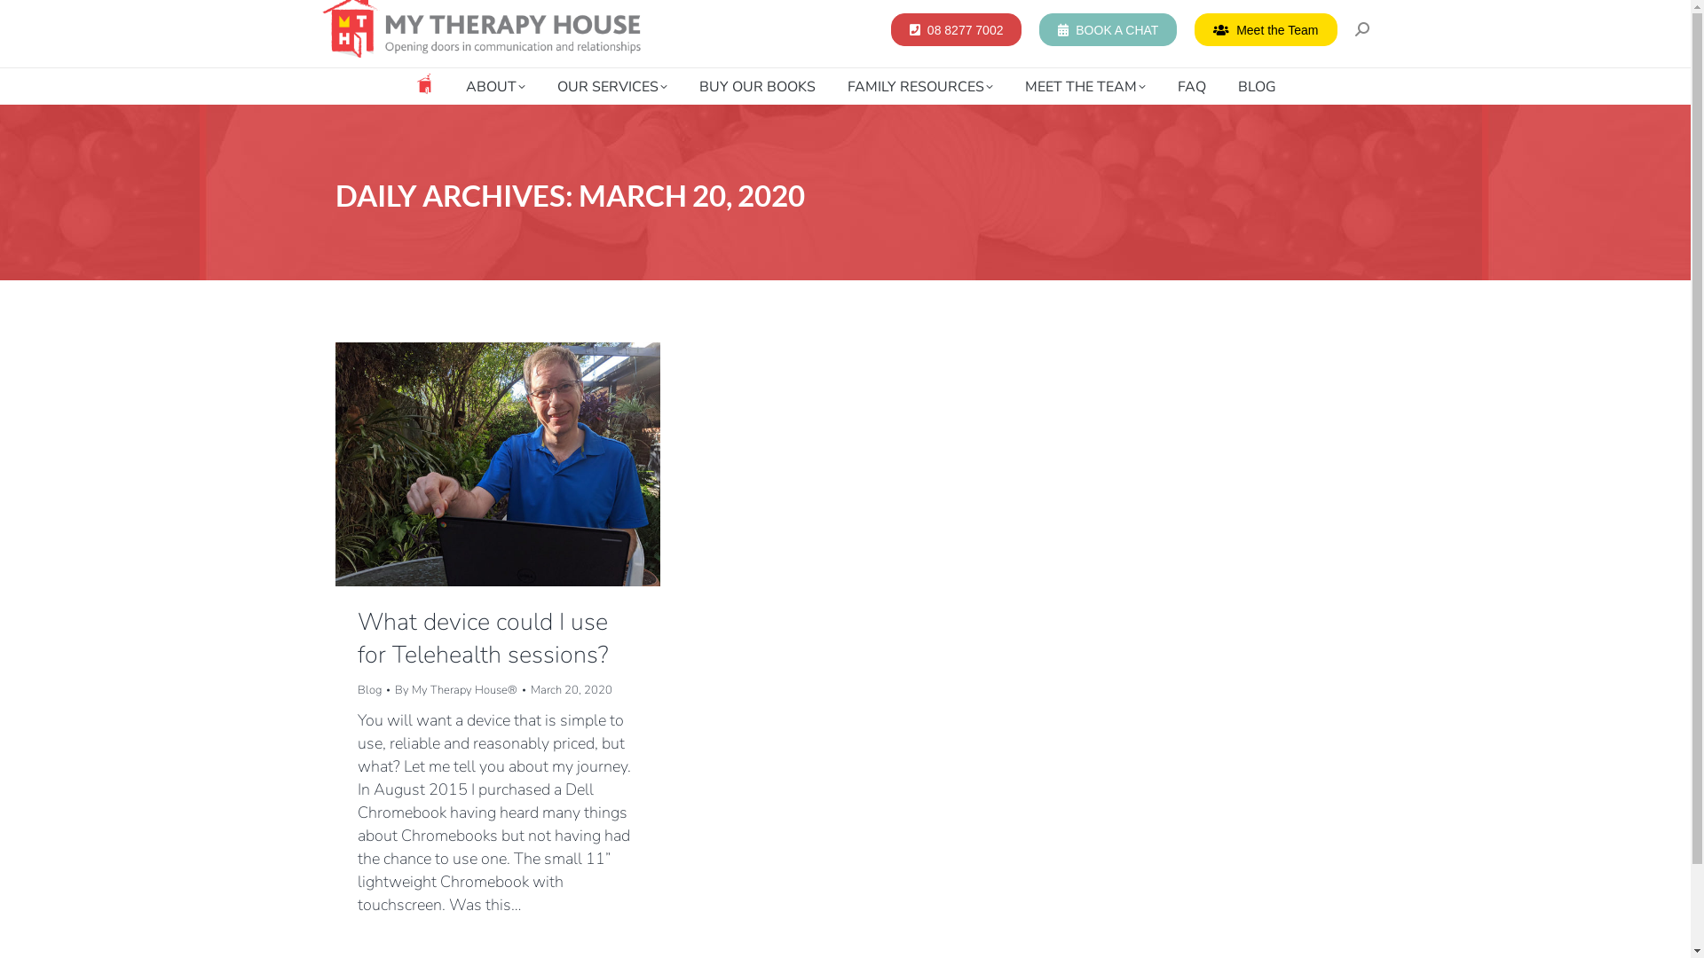 The image size is (1704, 958). Describe the element at coordinates (1107, 28) in the screenshot. I see `'  BOOK A CHAT'` at that location.